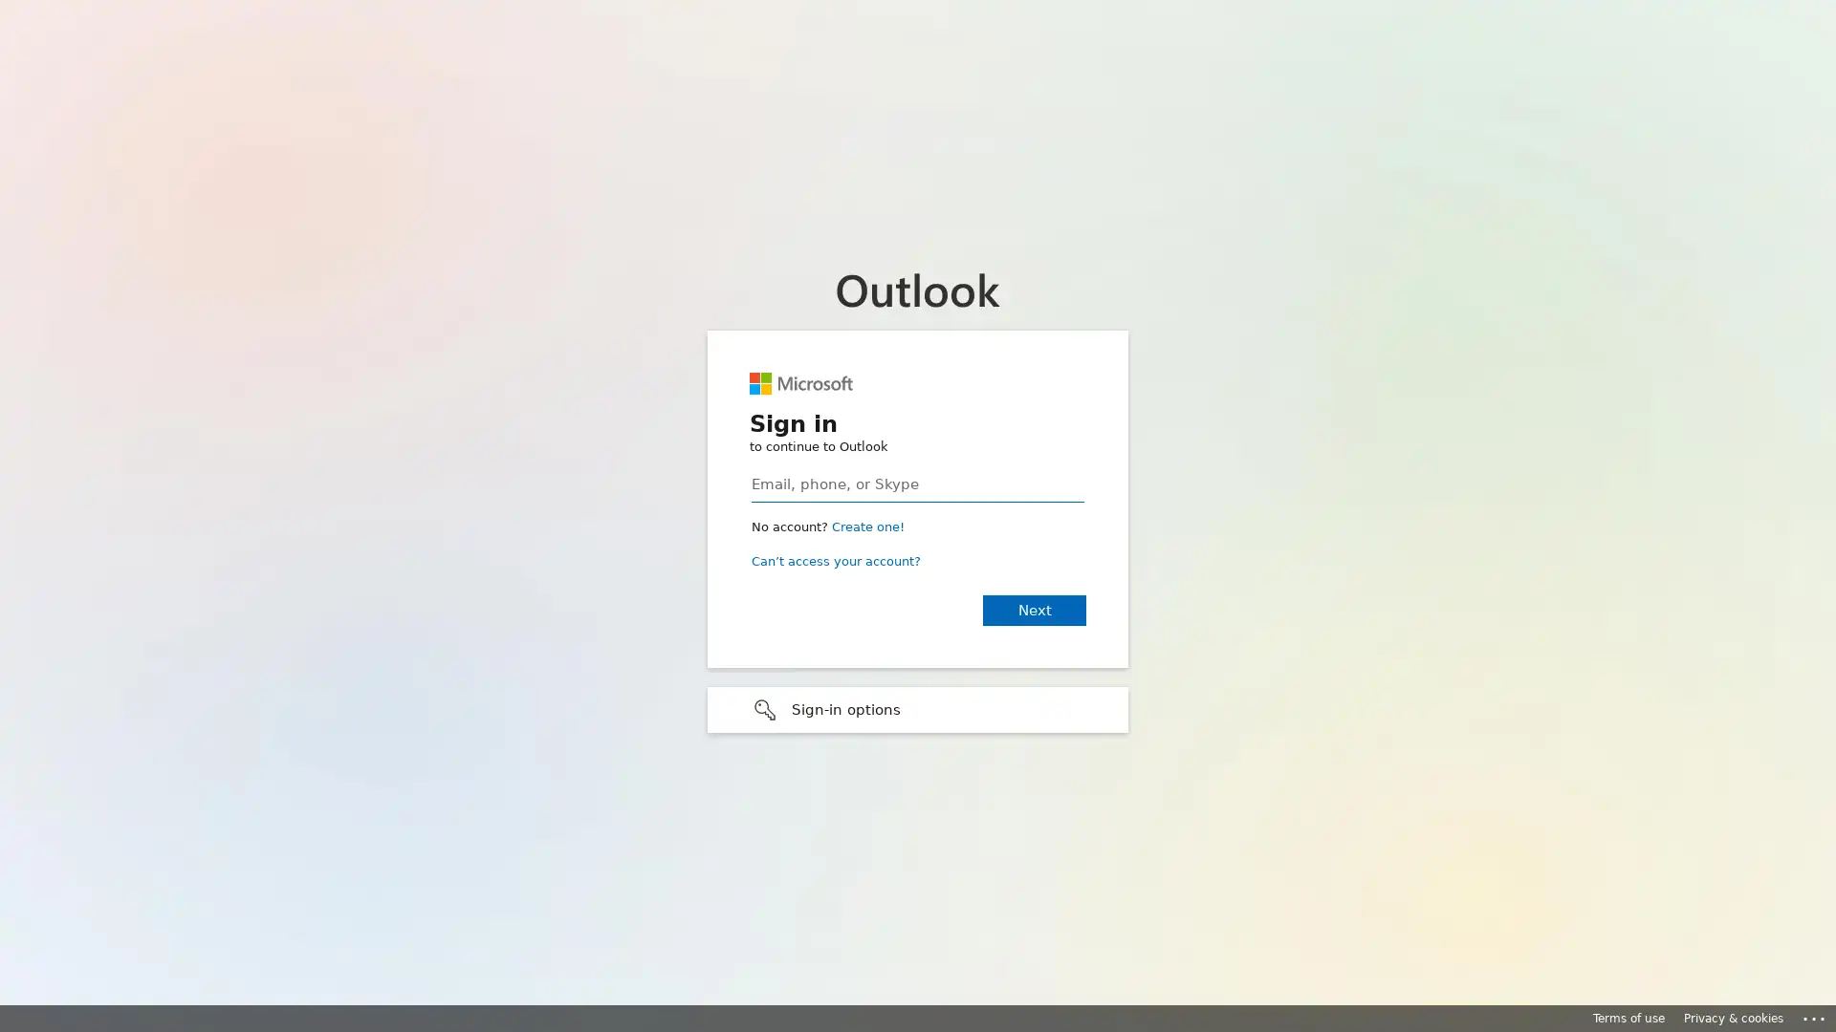  What do you see at coordinates (1814, 1015) in the screenshot?
I see `Click here for troubleshooting information` at bounding box center [1814, 1015].